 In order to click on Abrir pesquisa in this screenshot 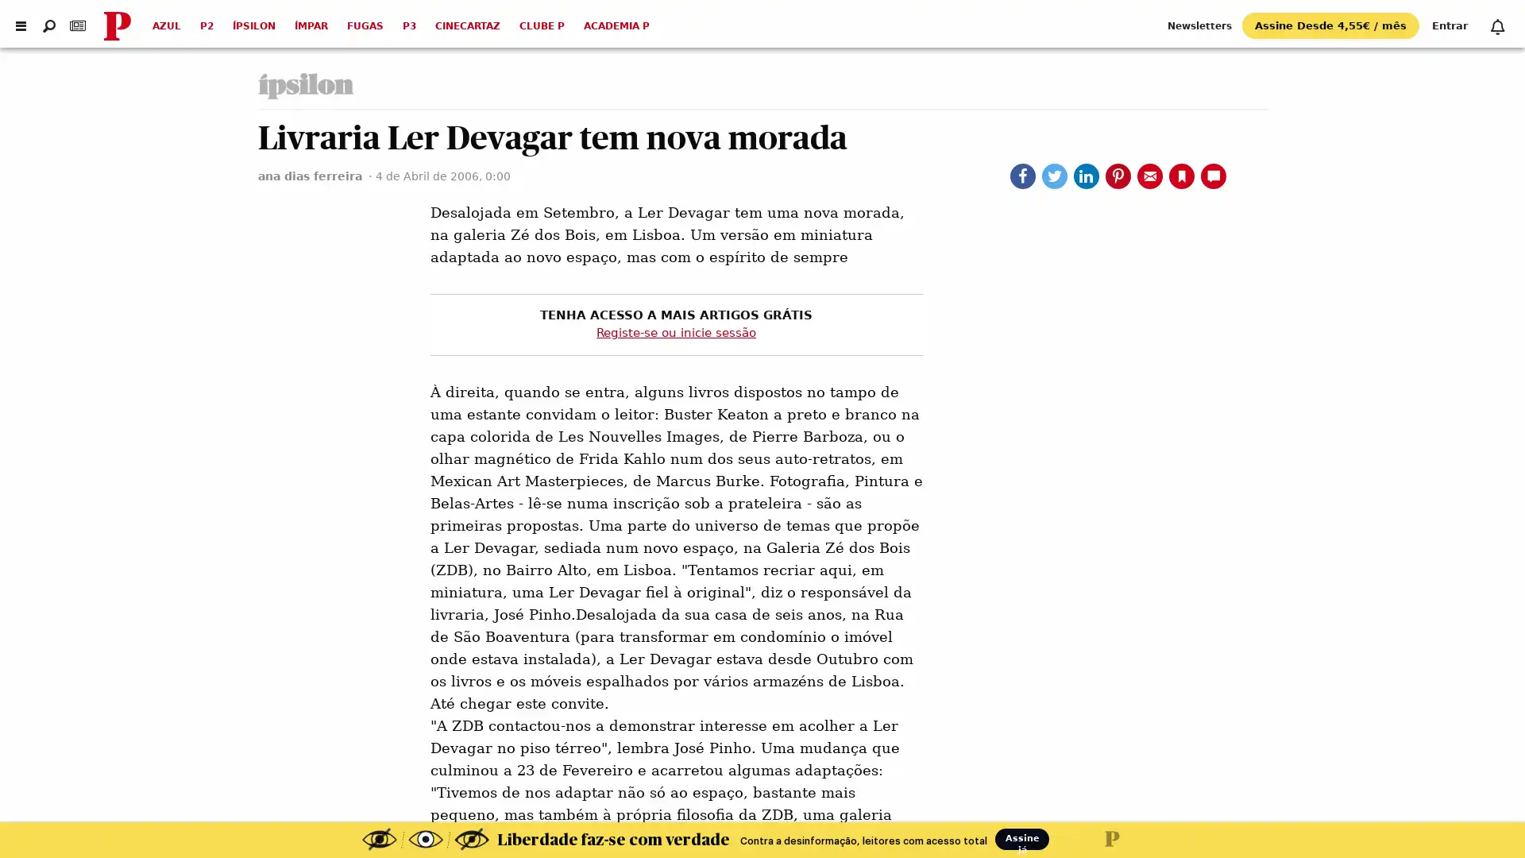, I will do `click(49, 25)`.